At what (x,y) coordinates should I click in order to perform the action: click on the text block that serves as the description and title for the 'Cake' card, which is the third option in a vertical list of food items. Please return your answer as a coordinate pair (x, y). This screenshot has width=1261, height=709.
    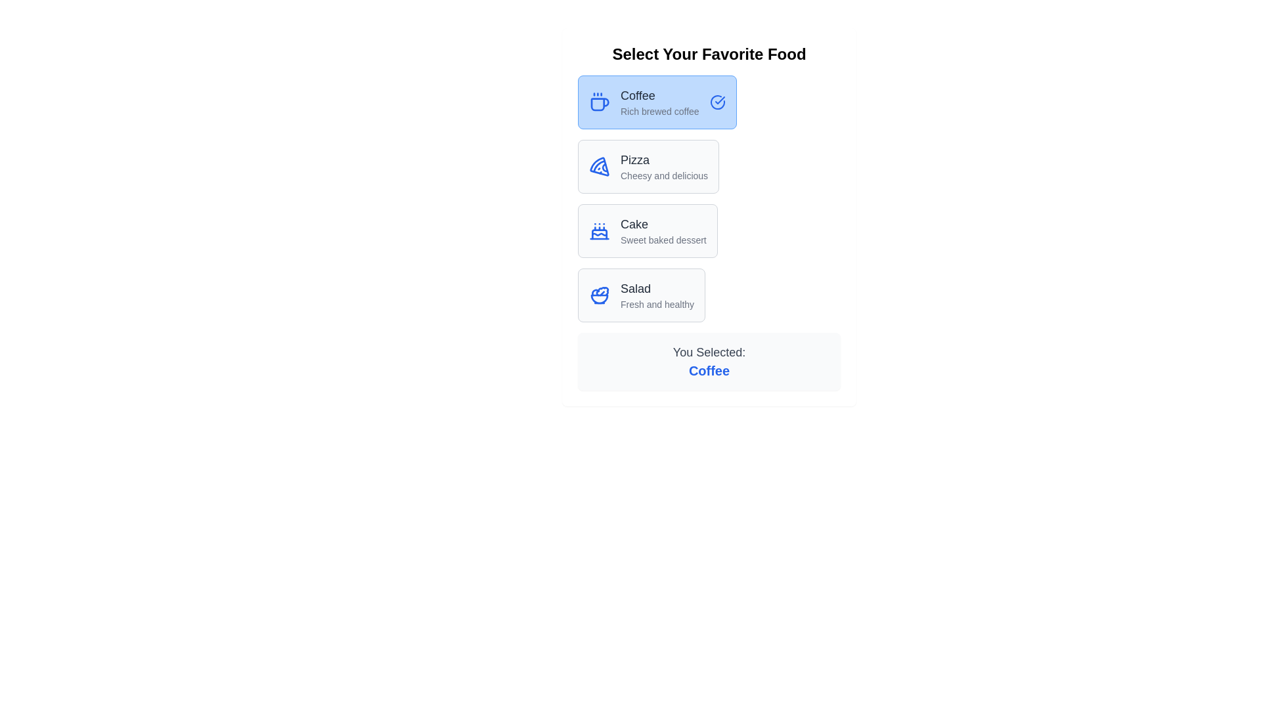
    Looking at the image, I should click on (663, 230).